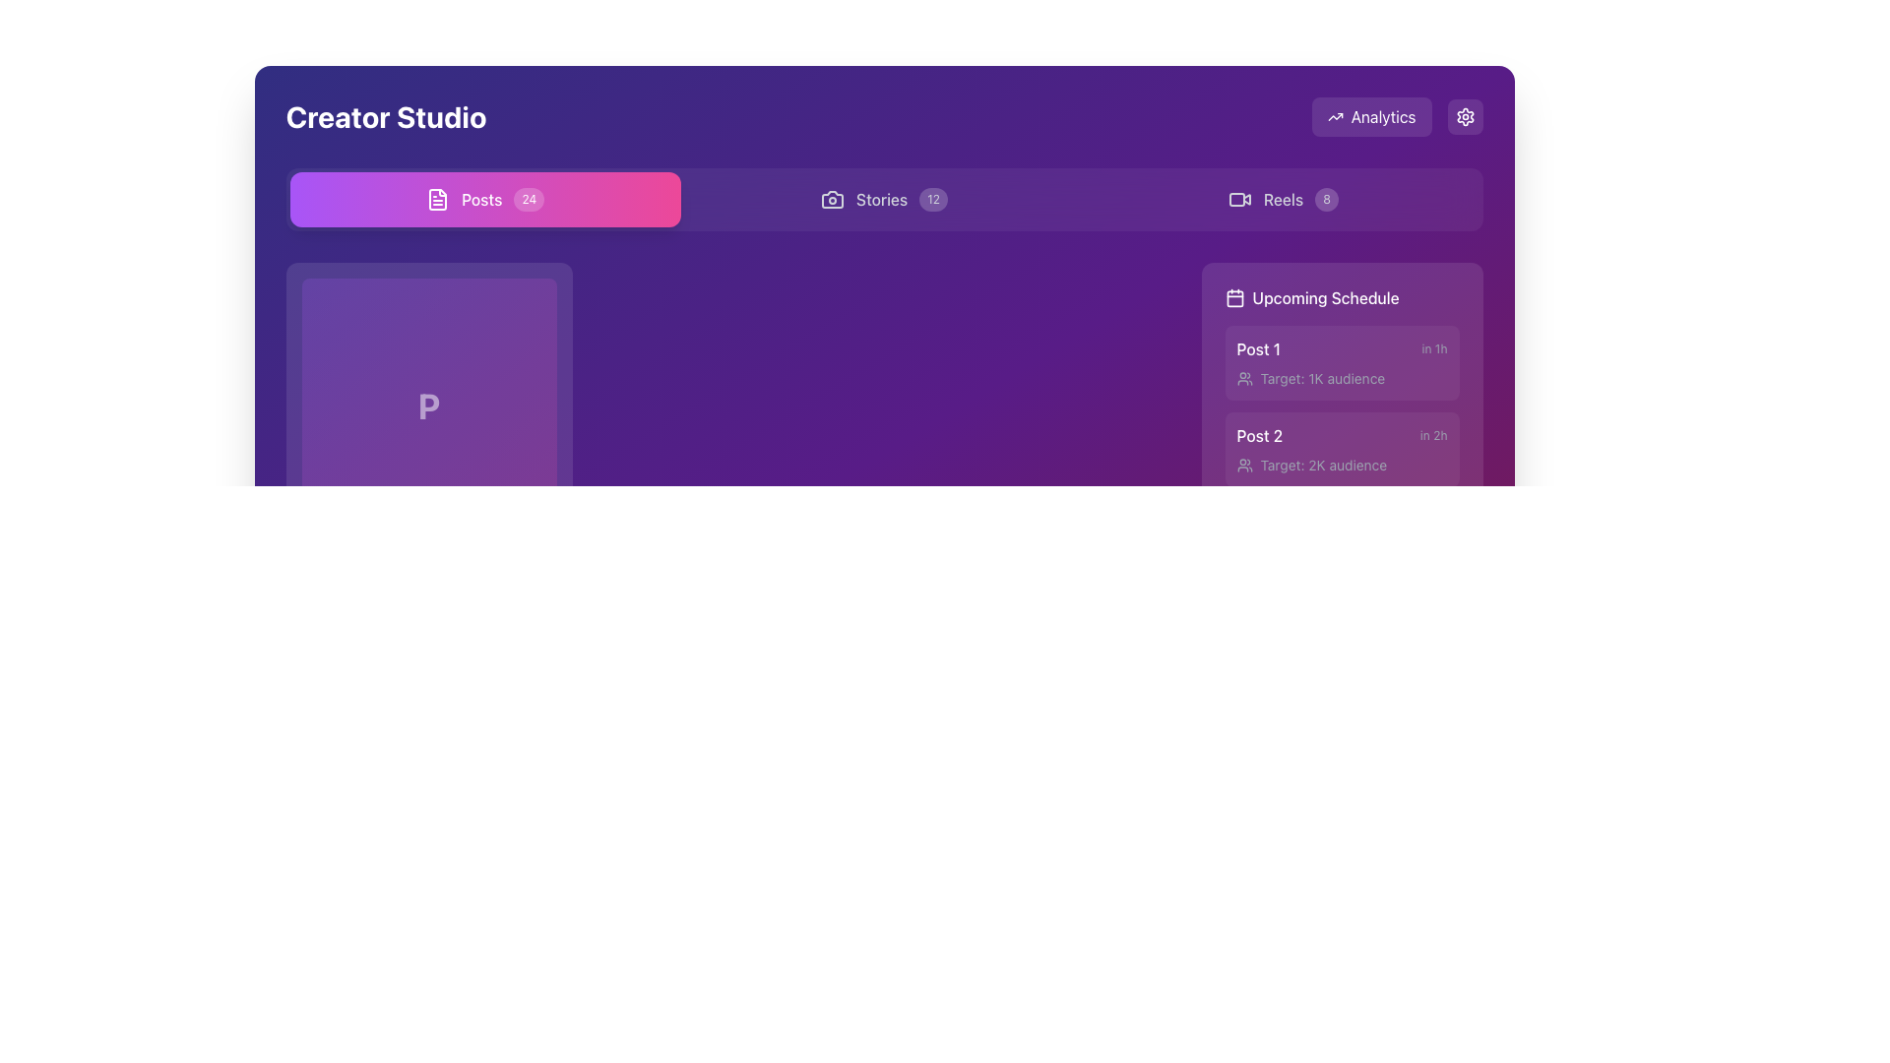 The height and width of the screenshot is (1063, 1890). What do you see at coordinates (386, 117) in the screenshot?
I see `the 'Creator Studio' text label, which is a bold, large white heading located at the top-left corner of the interface against a dark purple background` at bounding box center [386, 117].